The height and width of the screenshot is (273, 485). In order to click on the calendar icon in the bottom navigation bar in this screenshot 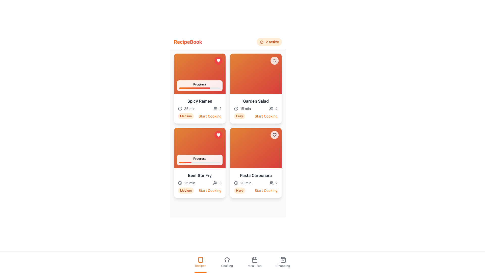, I will do `click(255, 260)`.